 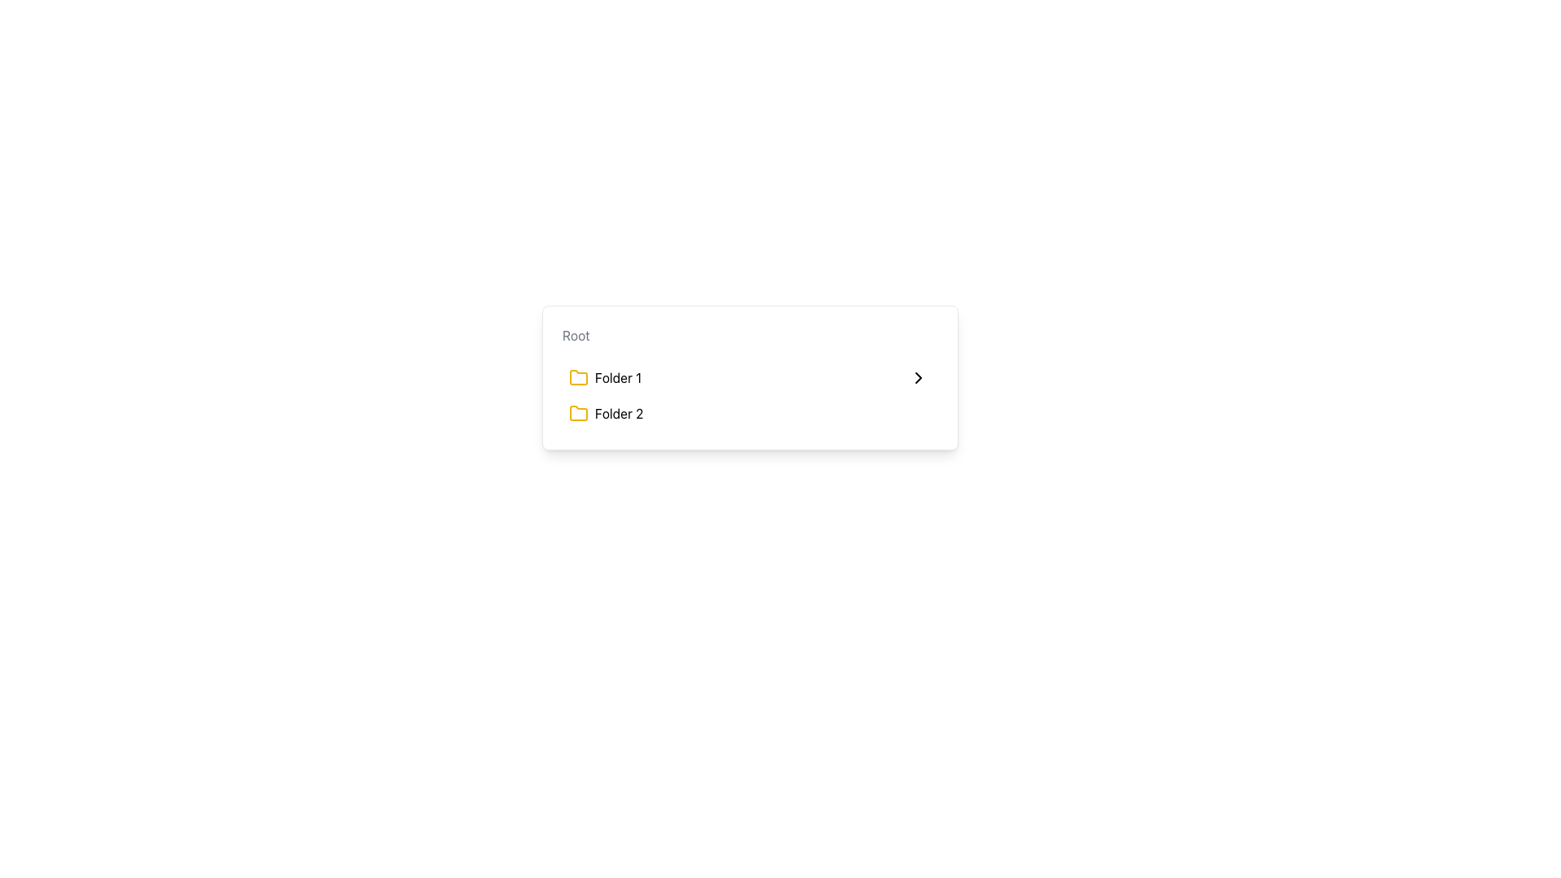 I want to click on the List Item element labeled 'Folder 1', so click(x=604, y=378).